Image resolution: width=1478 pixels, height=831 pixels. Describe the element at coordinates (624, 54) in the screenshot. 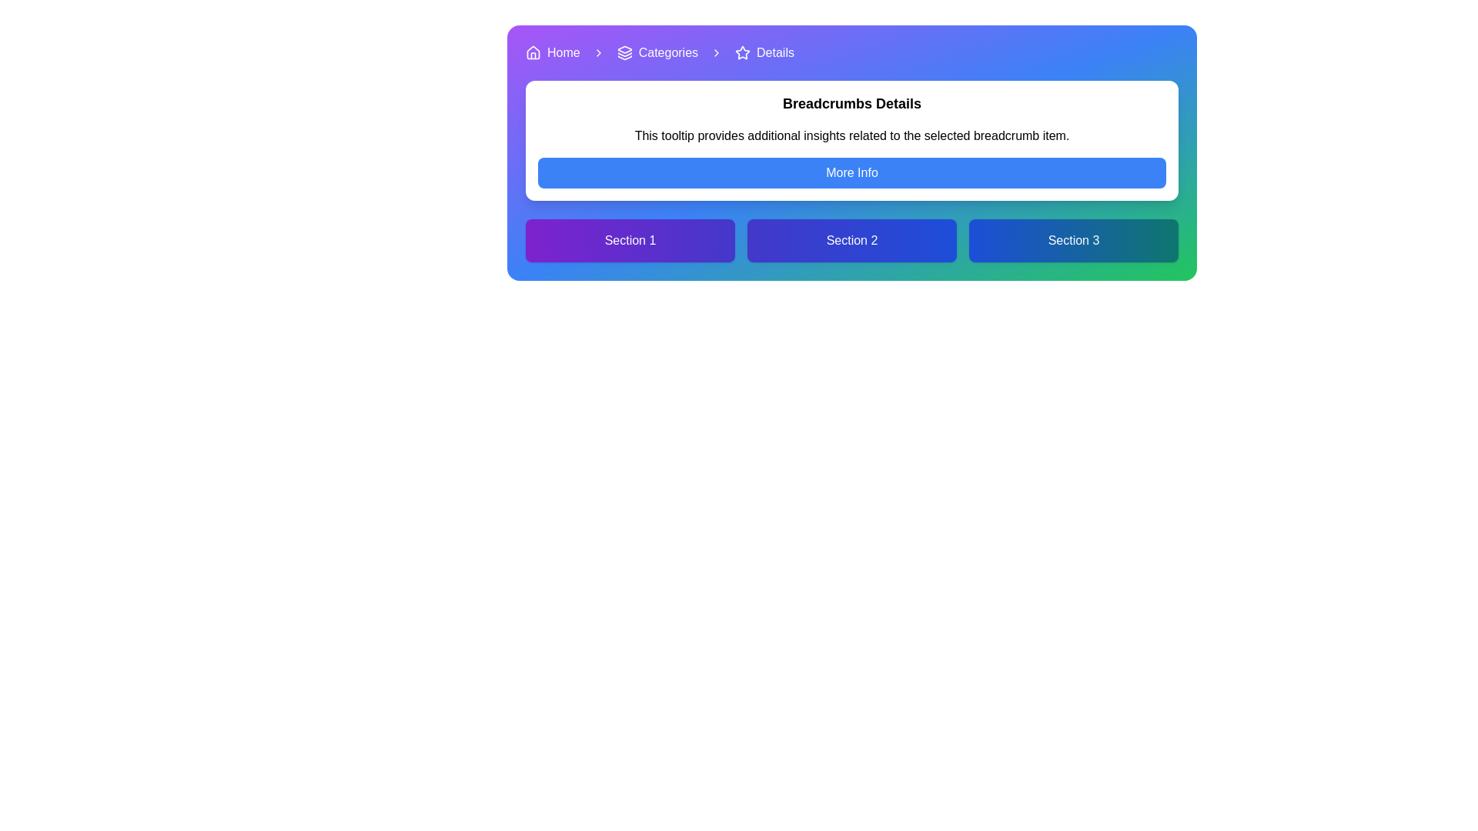

I see `the central layer symbol in the SVG icon representing stacked layers, located in the breadcrumb navigation bar between the 'Home' and 'Details' links` at that location.